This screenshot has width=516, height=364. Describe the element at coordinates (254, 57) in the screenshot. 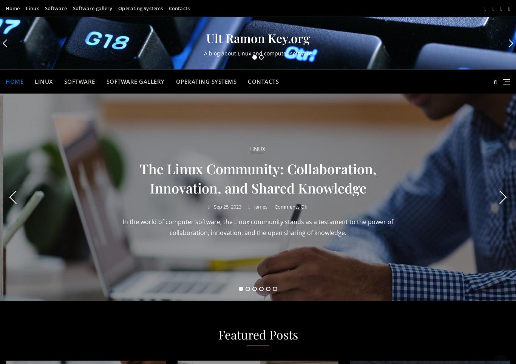

I see `'1'` at that location.